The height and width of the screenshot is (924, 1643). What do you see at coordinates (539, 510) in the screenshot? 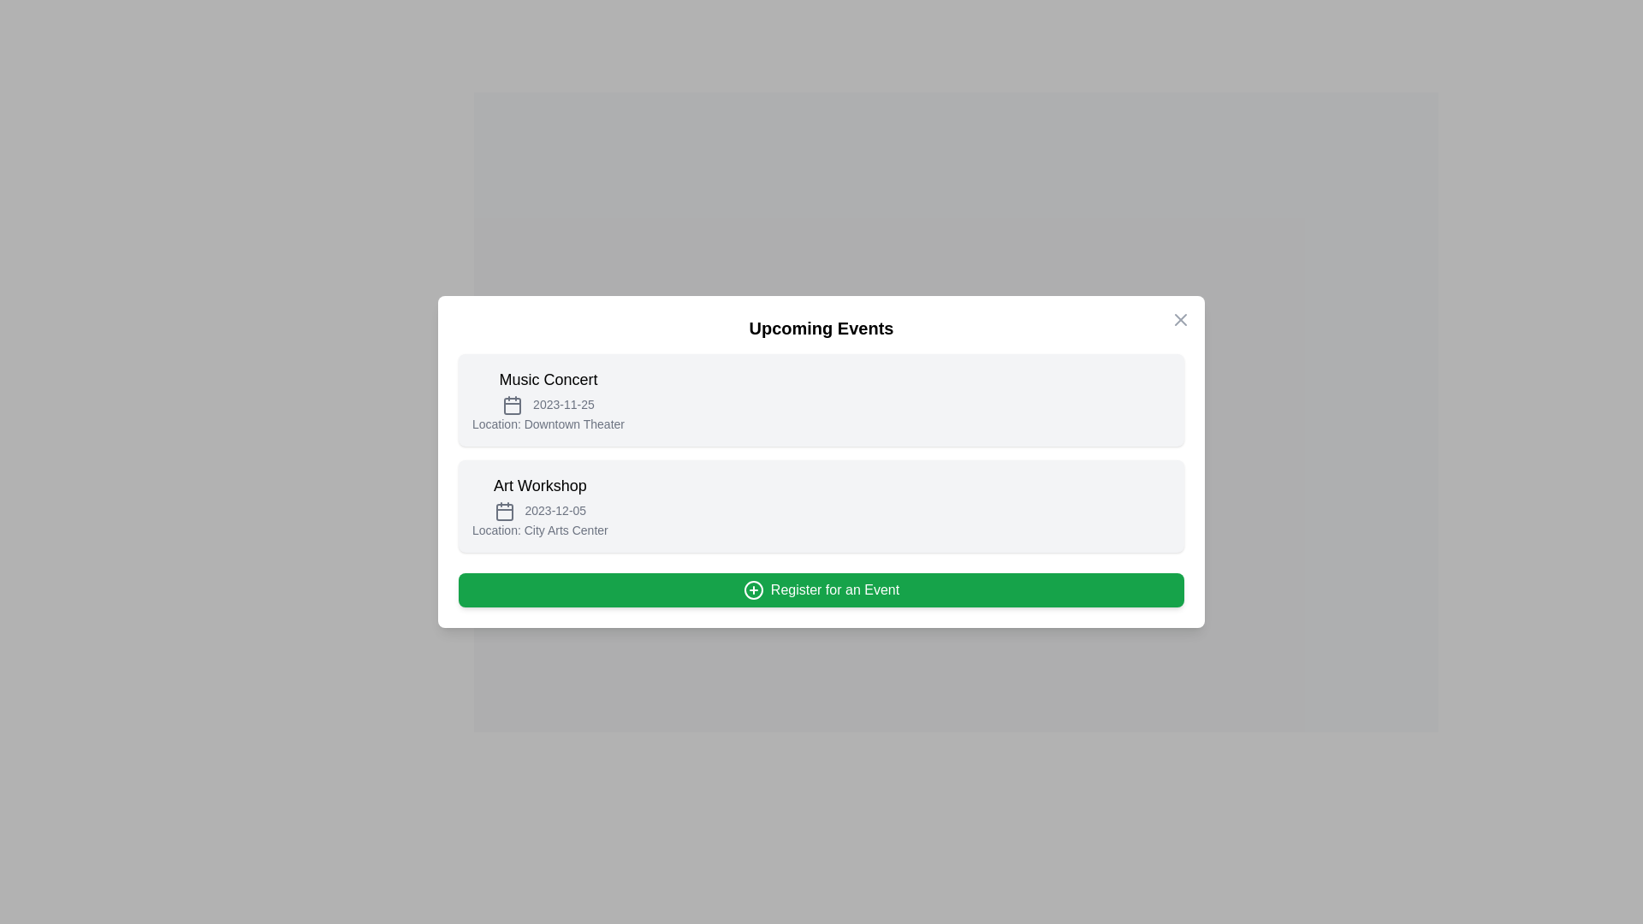
I see `date displayed in the text element that shows '2023-12-05', styled in a small, gray font, located beneath the 'Art Workshop' title` at bounding box center [539, 510].